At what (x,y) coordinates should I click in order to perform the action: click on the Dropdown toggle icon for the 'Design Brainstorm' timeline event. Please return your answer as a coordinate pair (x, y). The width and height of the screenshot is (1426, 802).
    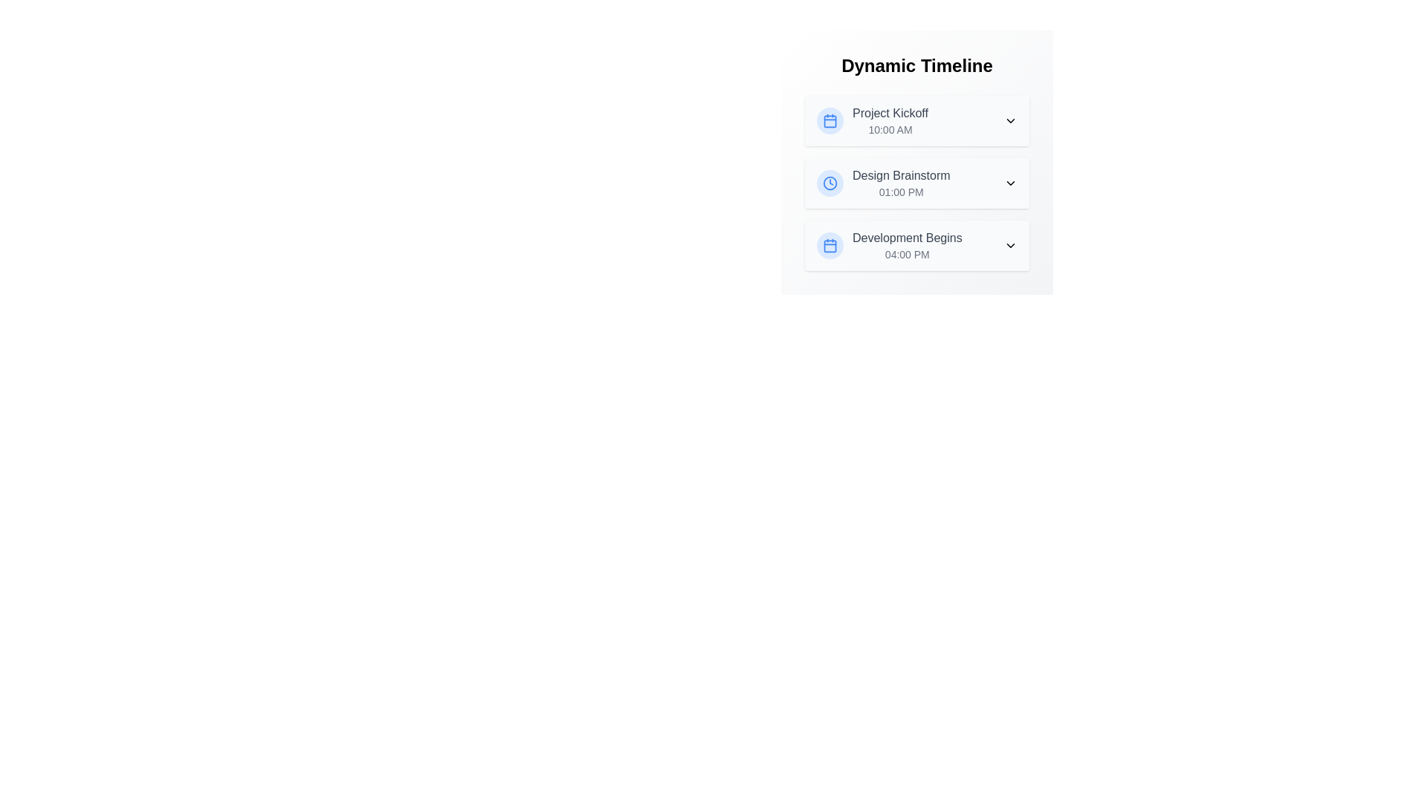
    Looking at the image, I should click on (1010, 182).